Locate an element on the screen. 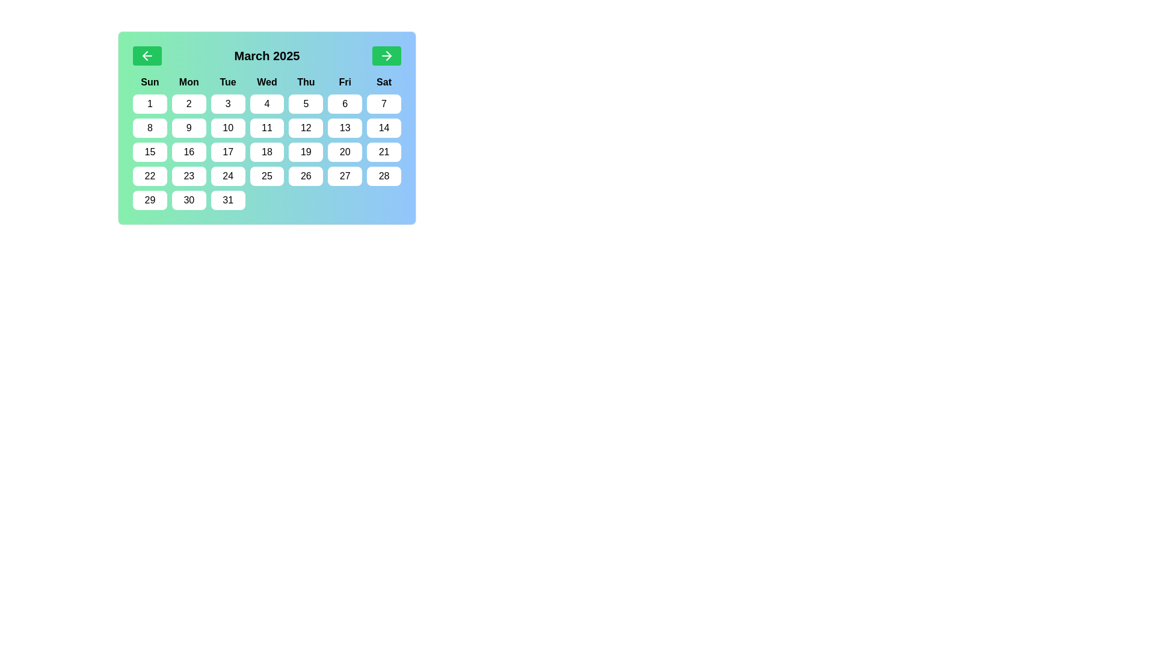  the calendar day cell button with the text '22' in the first column of the sixth row under the 'Sat' weekday label is located at coordinates (149, 176).